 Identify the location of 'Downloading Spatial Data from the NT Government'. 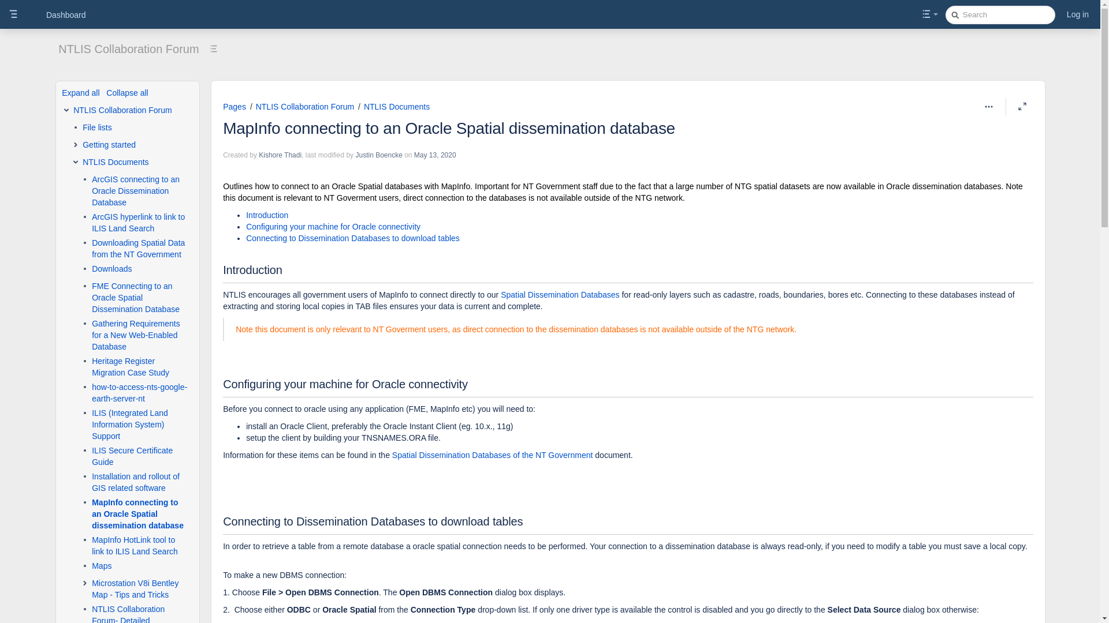
(139, 248).